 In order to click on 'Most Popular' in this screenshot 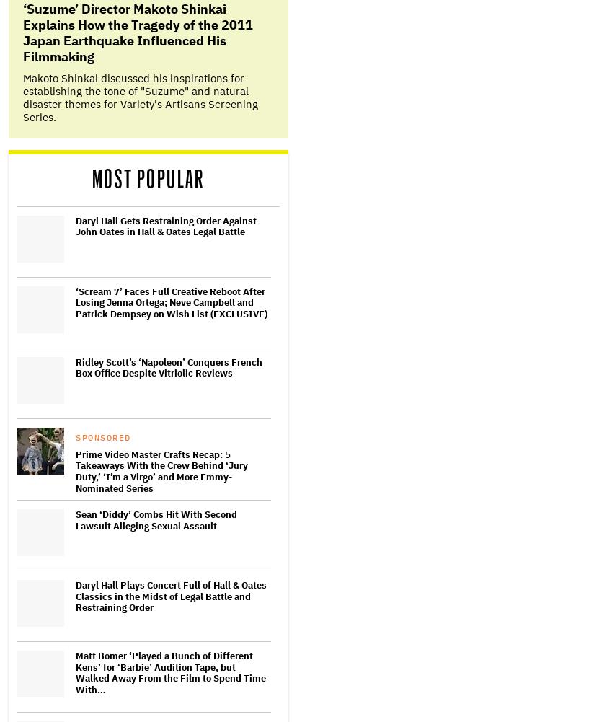, I will do `click(147, 179)`.